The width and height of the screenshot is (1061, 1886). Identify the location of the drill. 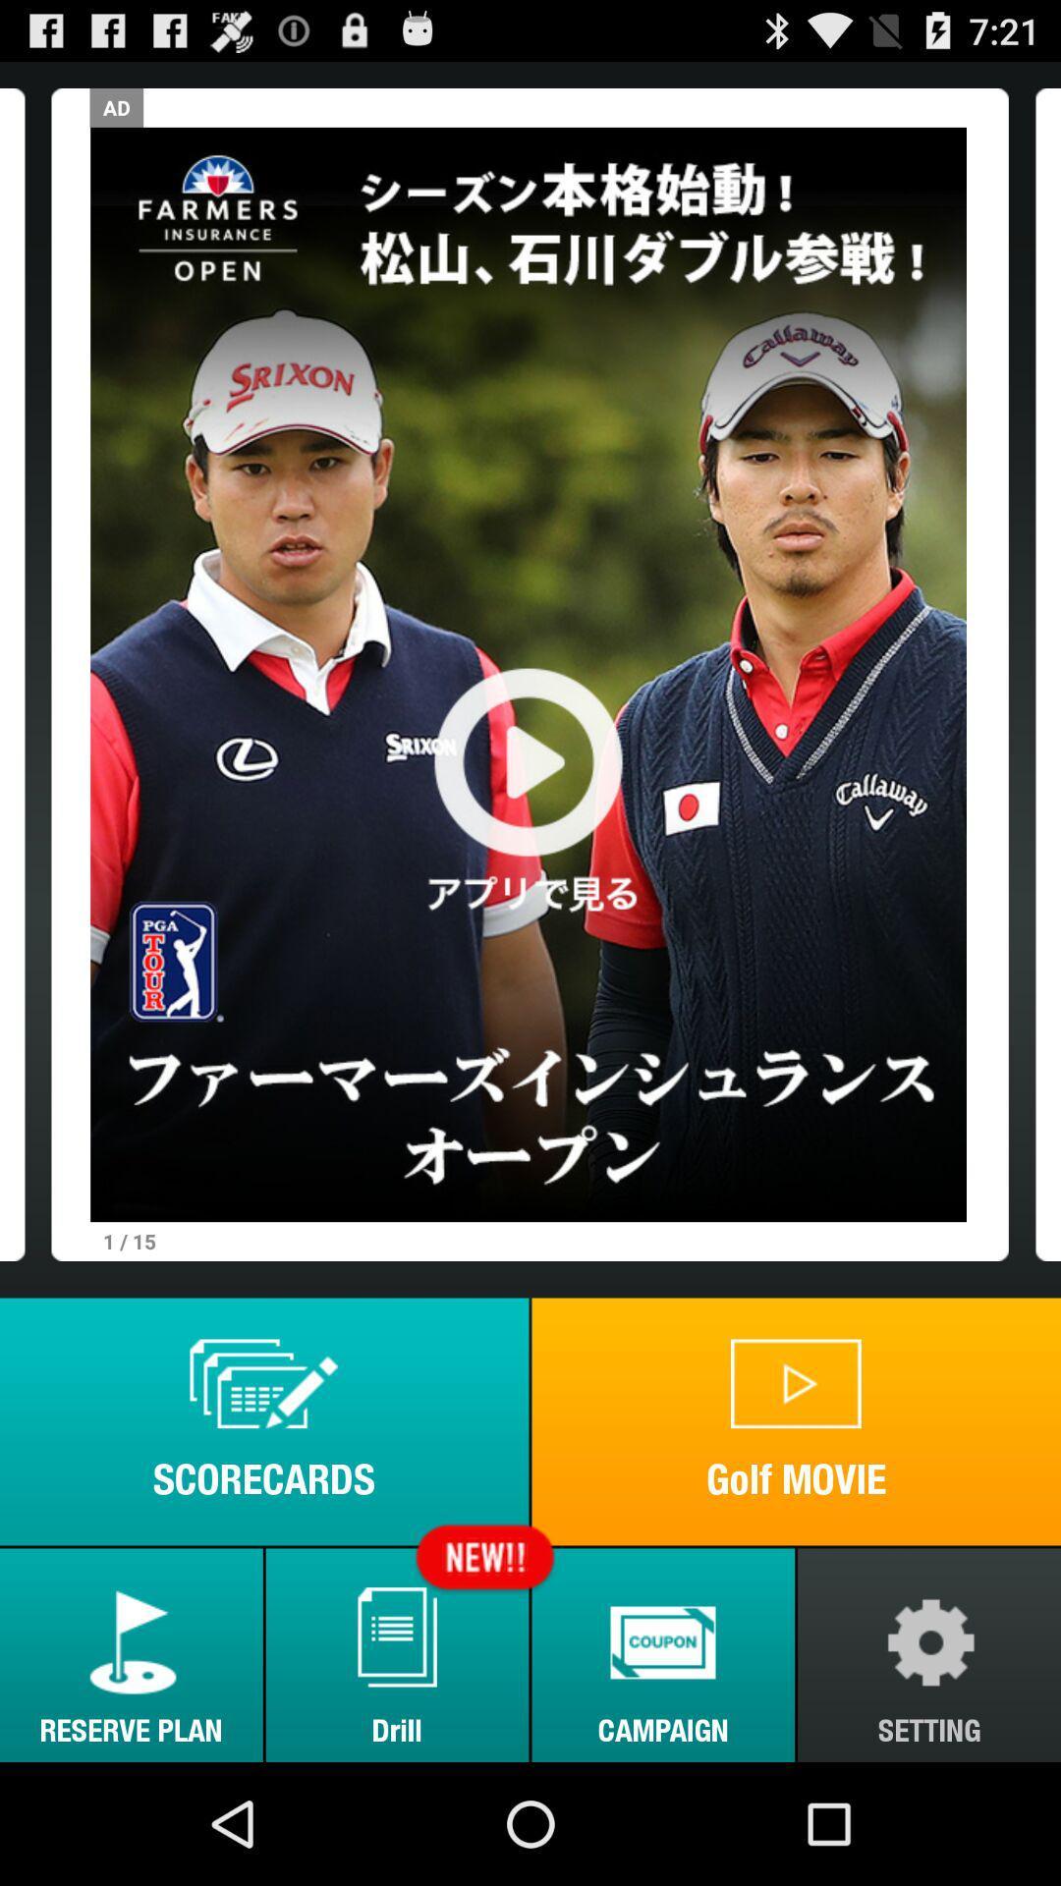
(397, 1654).